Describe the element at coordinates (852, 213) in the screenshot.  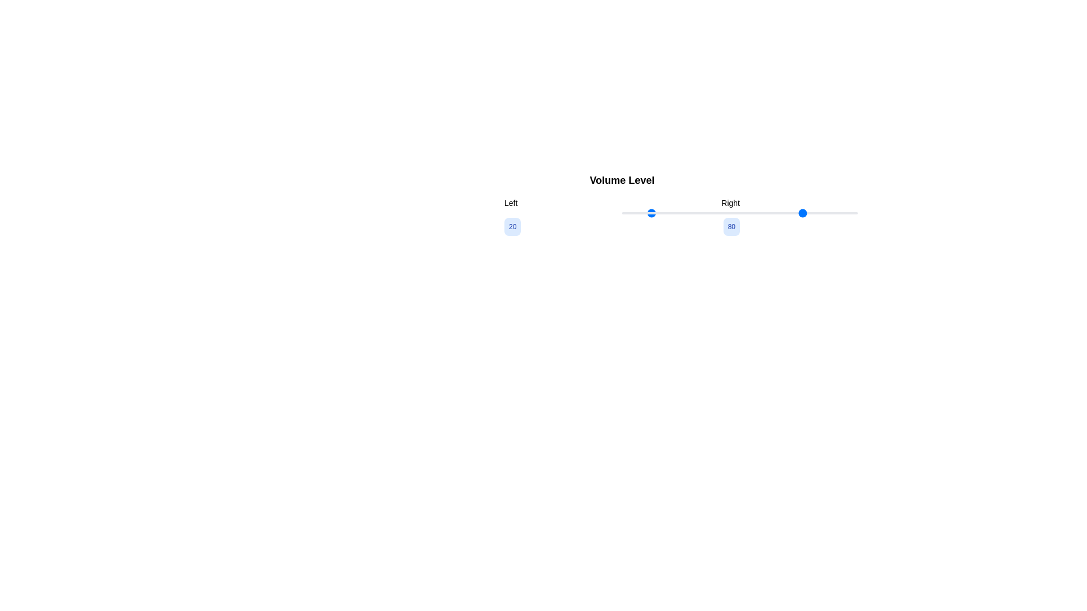
I see `the slider value` at that location.